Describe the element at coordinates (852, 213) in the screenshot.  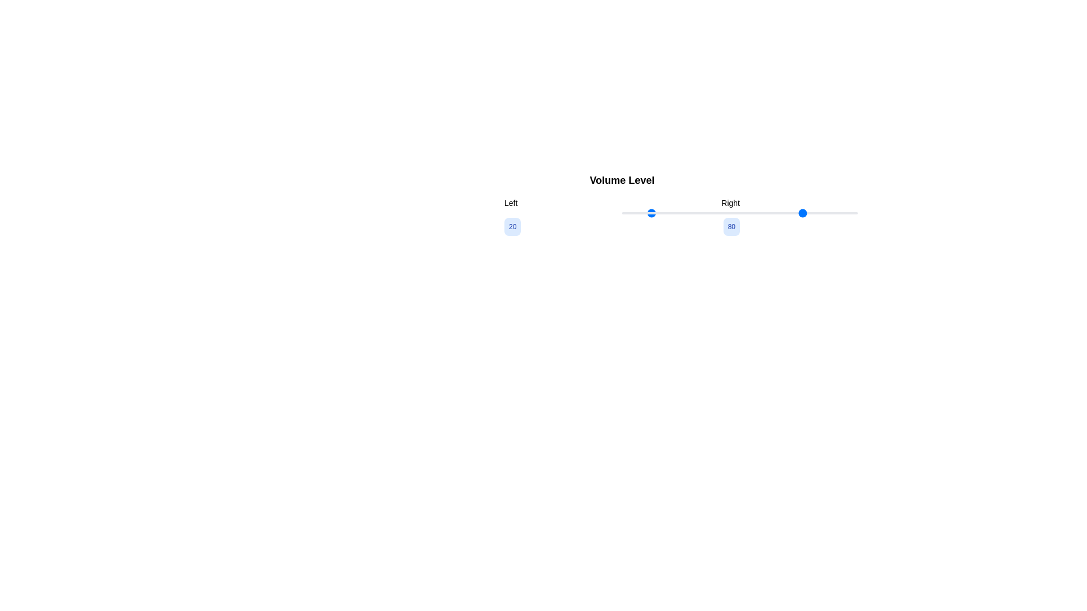
I see `the slider value` at that location.